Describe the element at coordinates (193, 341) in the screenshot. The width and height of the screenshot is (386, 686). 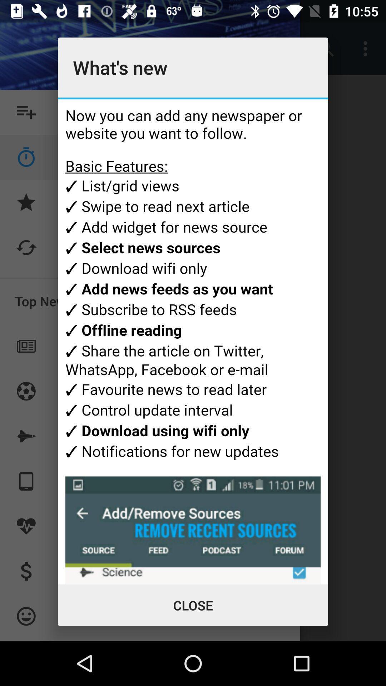
I see `option select button` at that location.